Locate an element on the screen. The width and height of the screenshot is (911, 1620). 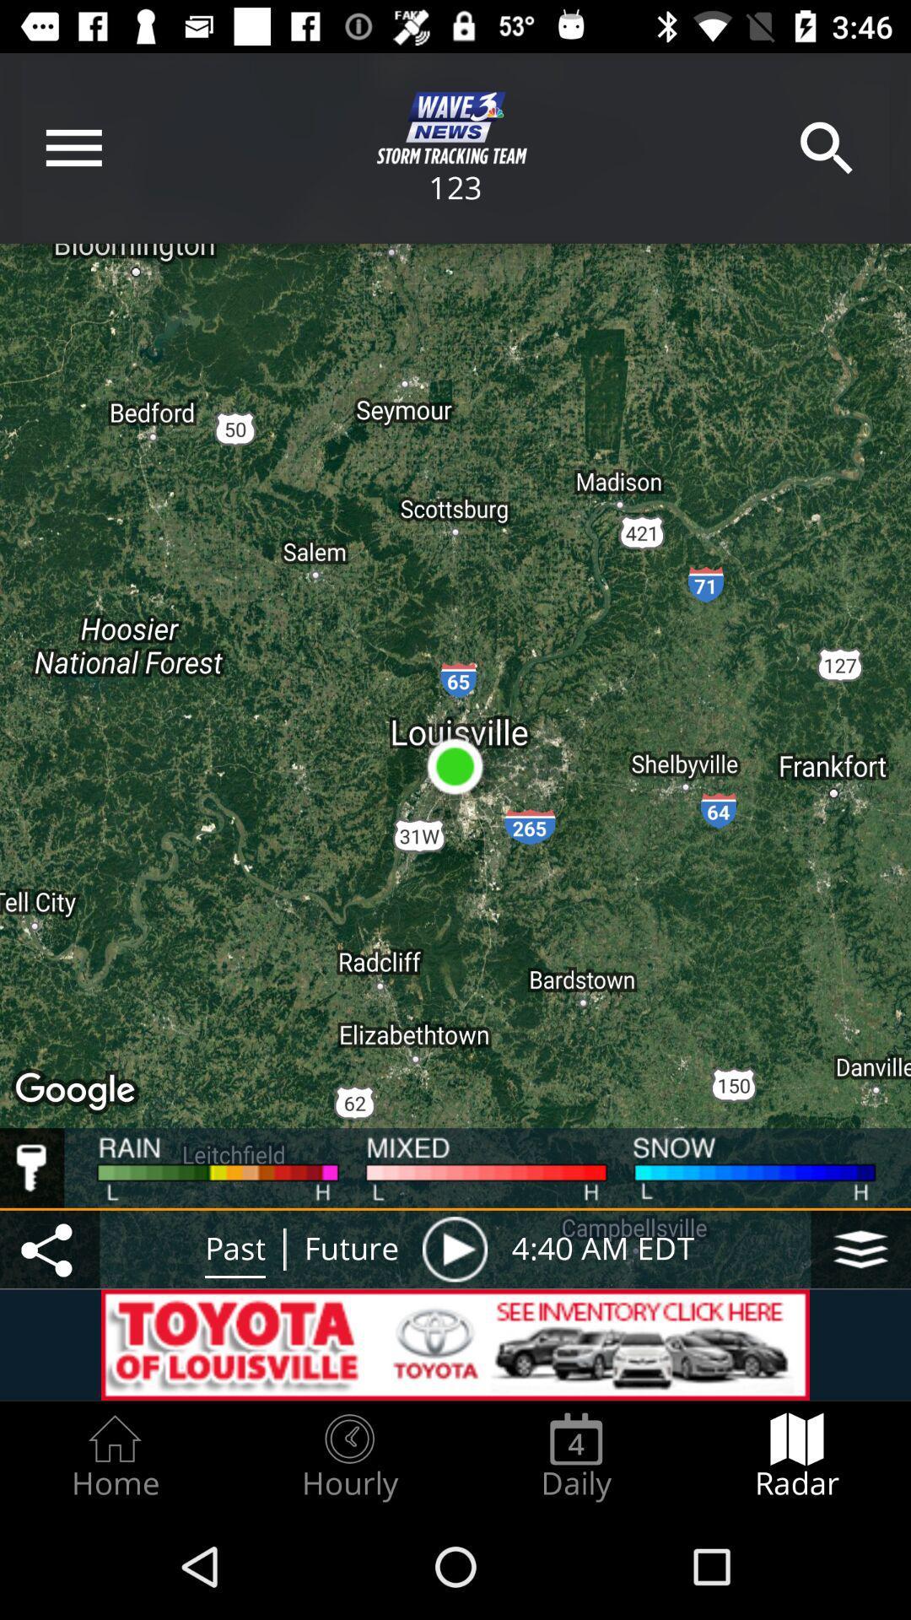
radio button next to hourly radio button is located at coordinates (114, 1456).